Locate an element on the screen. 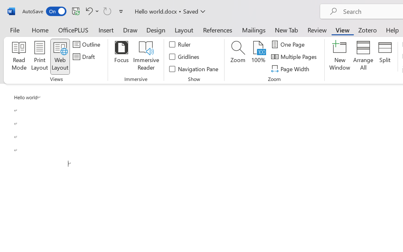  'Can' is located at coordinates (107, 11).